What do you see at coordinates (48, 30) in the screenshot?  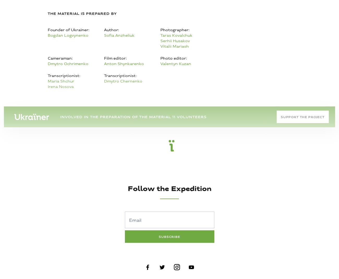 I see `'Founder of Ukraїner:'` at bounding box center [48, 30].